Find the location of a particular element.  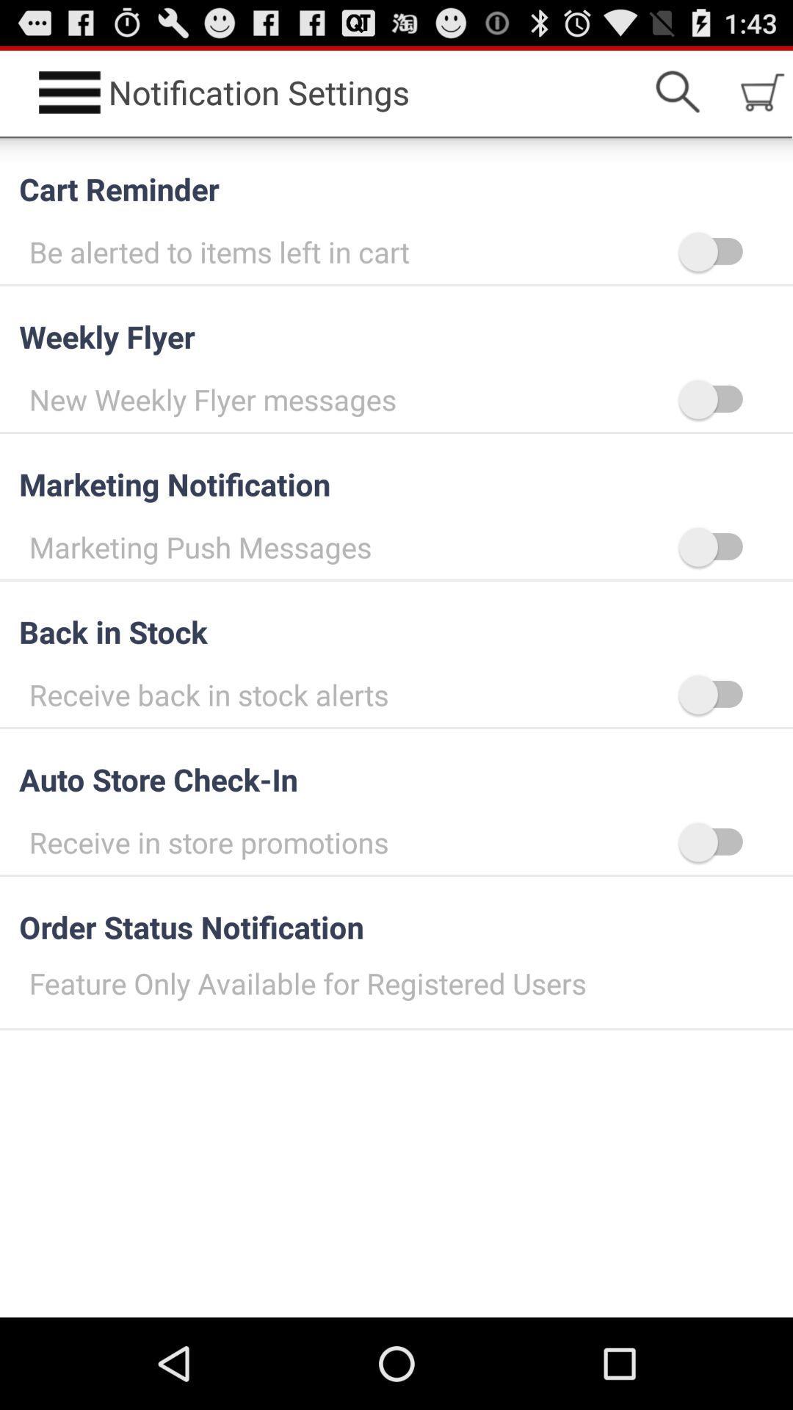

icon to the right of notification settings is located at coordinates (677, 91).